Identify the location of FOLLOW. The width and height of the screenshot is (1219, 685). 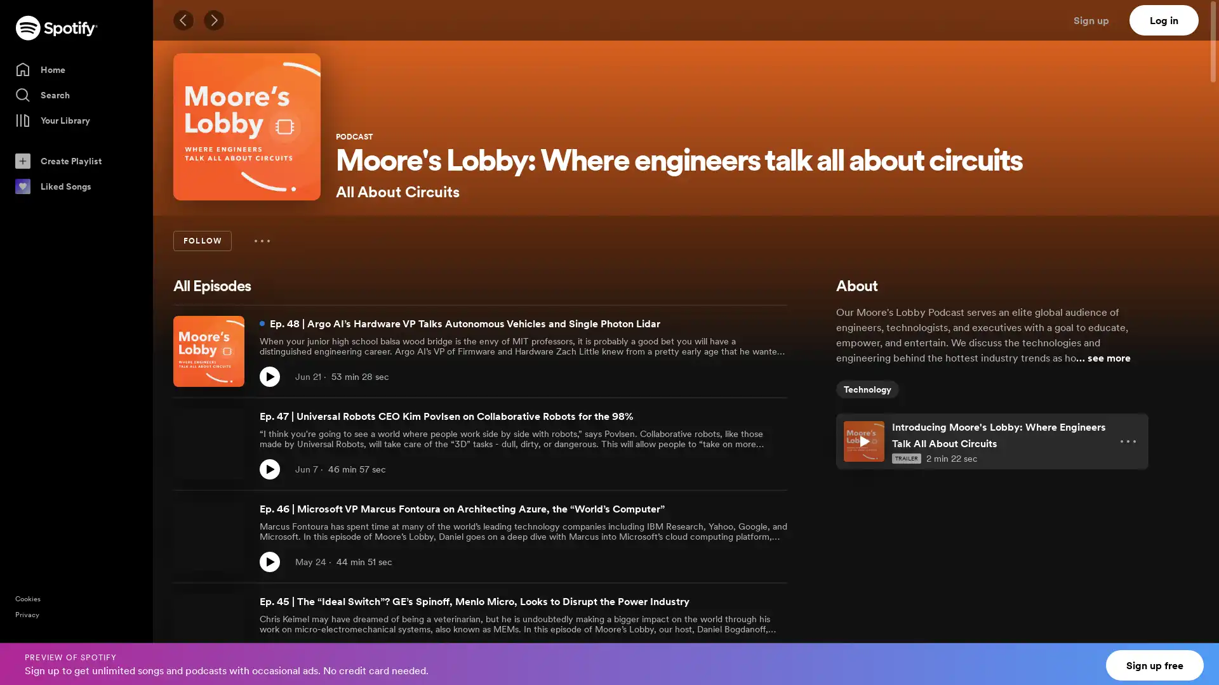
(201, 241).